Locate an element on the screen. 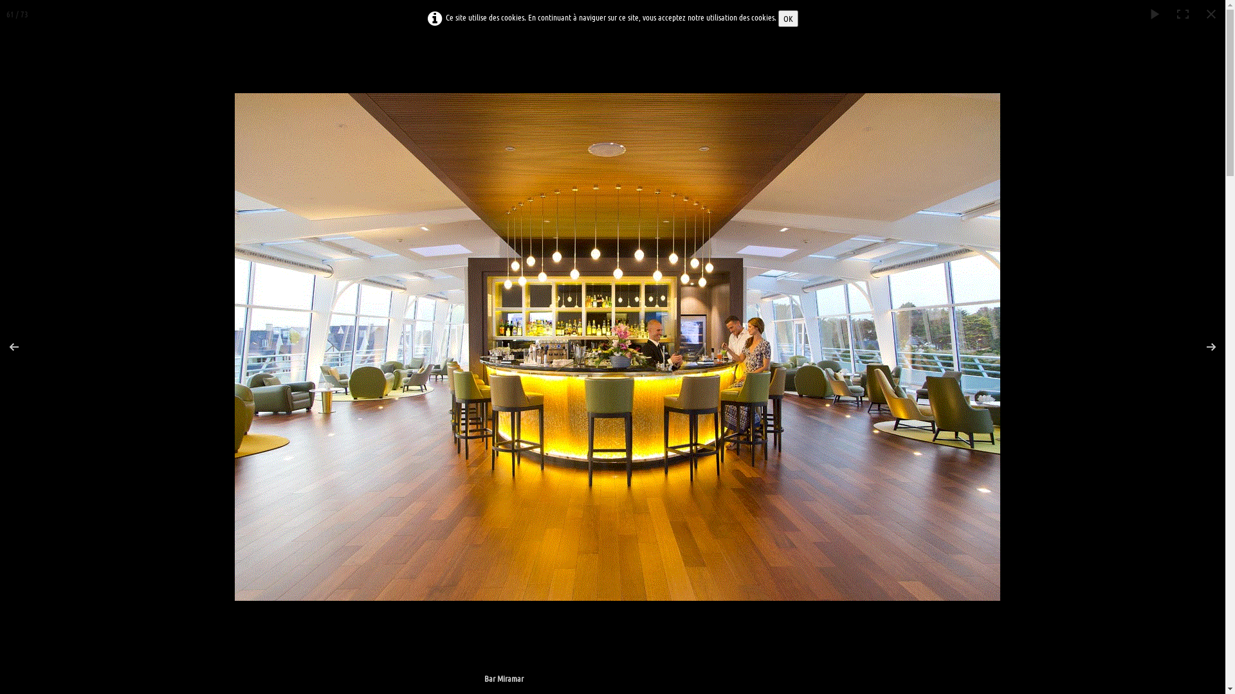  'Fermer' is located at coordinates (1210, 14).